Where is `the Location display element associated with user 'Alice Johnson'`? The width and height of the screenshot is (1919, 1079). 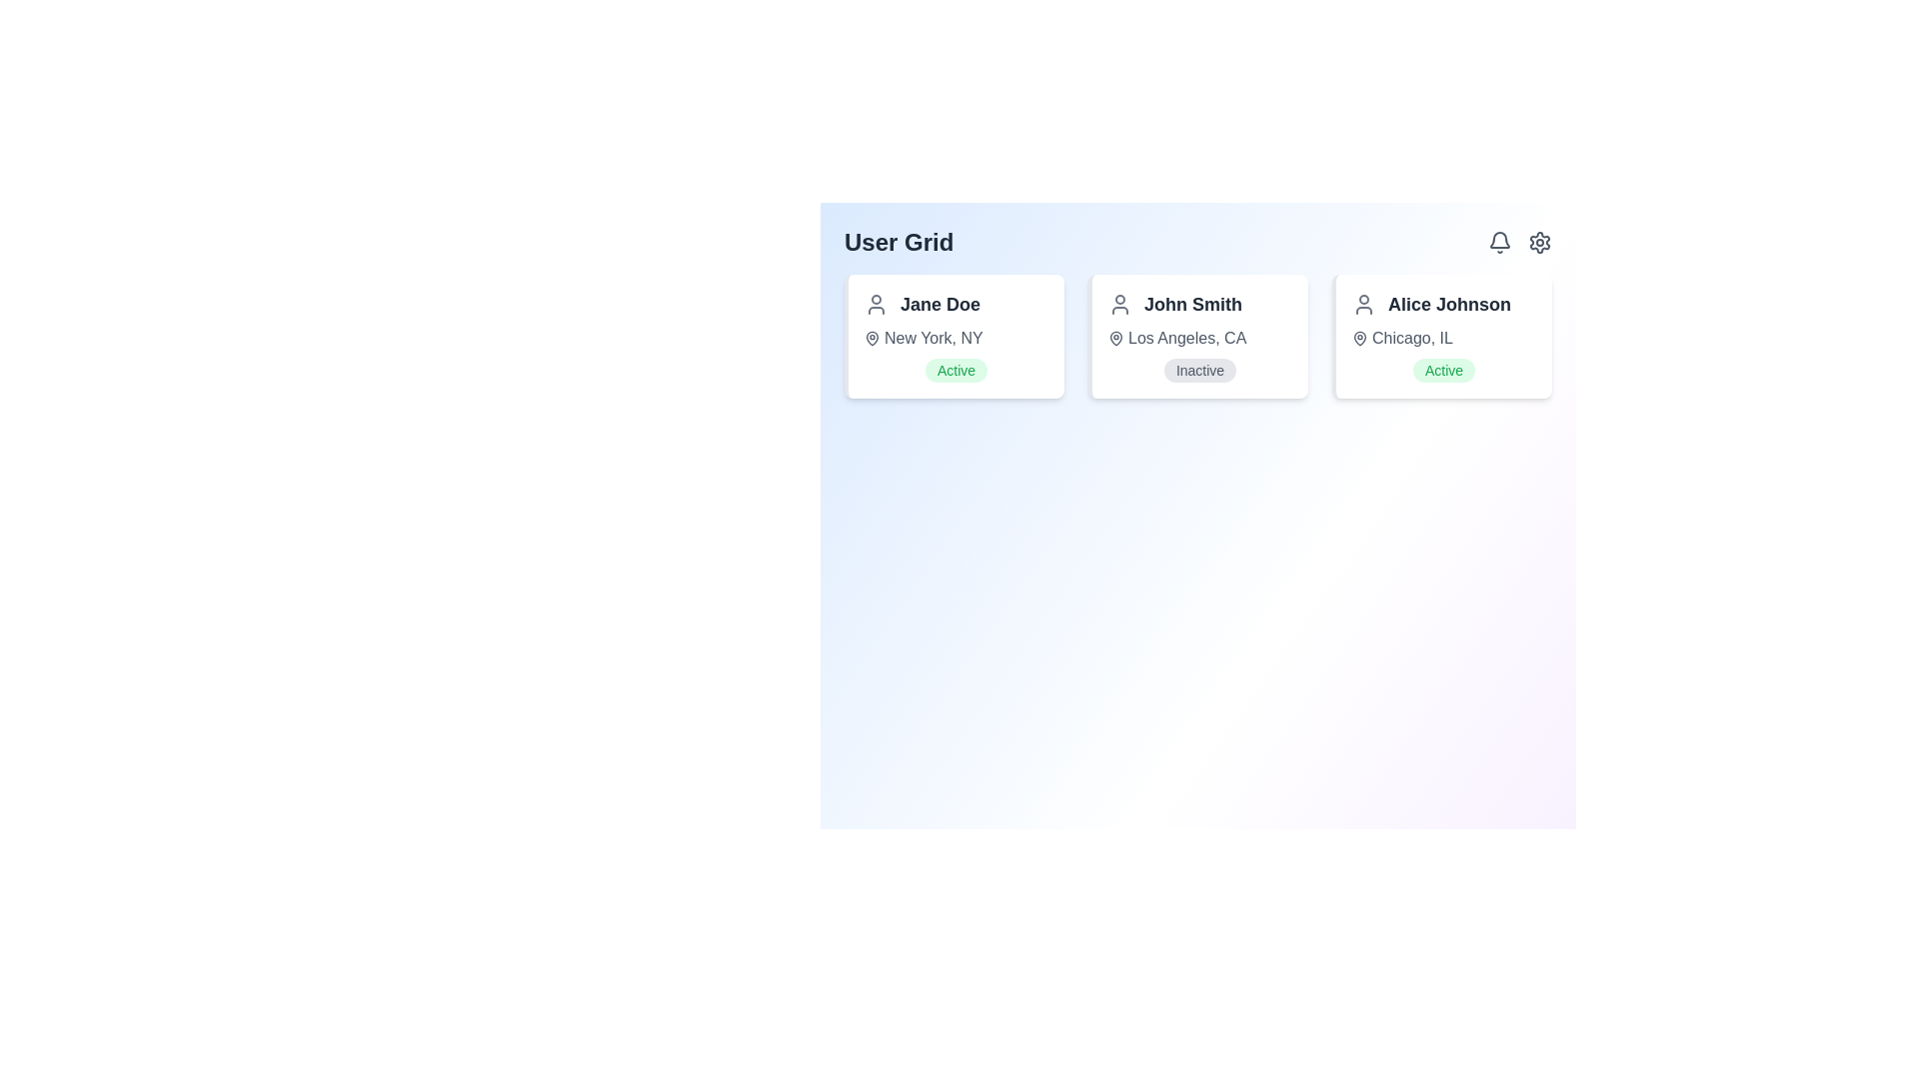 the Location display element associated with user 'Alice Johnson' is located at coordinates (1443, 338).